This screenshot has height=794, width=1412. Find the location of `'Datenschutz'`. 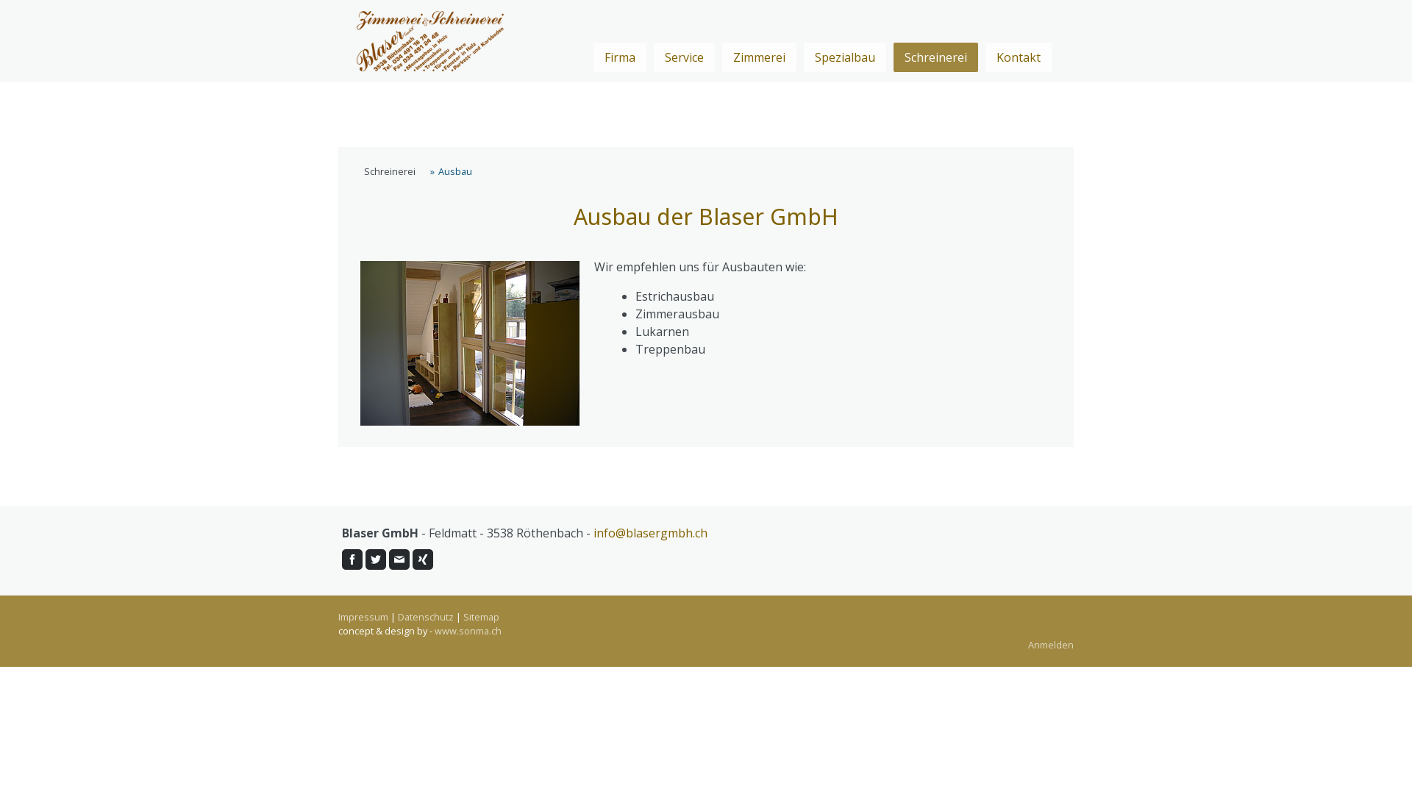

'Datenschutz' is located at coordinates (425, 617).